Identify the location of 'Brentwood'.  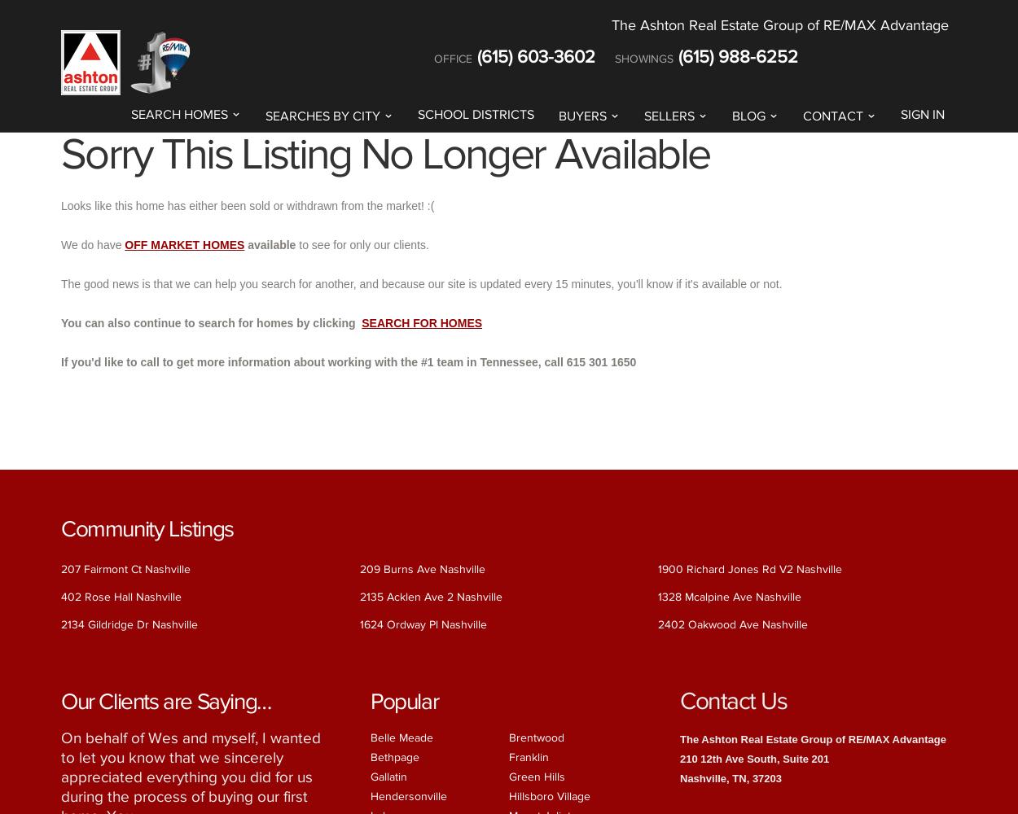
(509, 737).